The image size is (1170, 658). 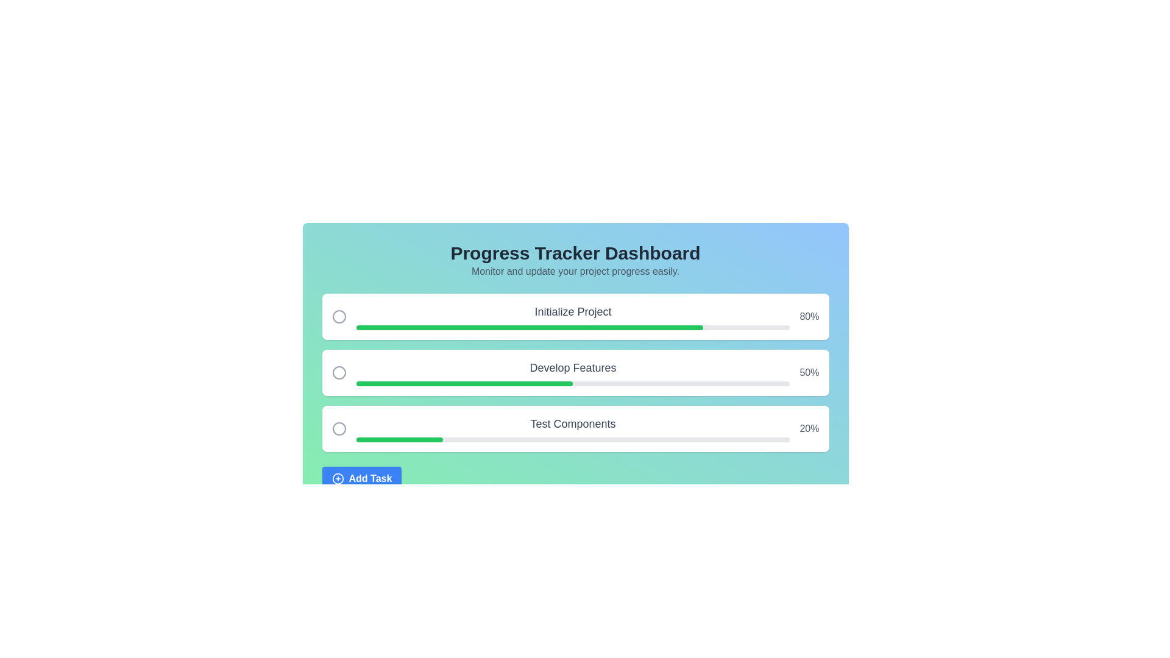 I want to click on the text label in the third progress tracker row that indicates the name or type of activity being tracked, so click(x=572, y=423).